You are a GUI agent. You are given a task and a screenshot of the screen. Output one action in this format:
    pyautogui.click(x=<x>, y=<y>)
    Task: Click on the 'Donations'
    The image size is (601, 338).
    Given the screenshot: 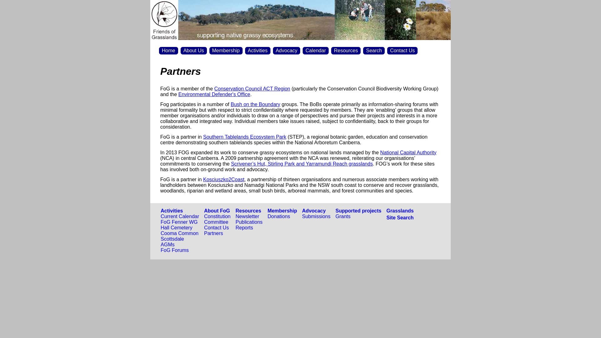 What is the action you would take?
    pyautogui.click(x=267, y=216)
    